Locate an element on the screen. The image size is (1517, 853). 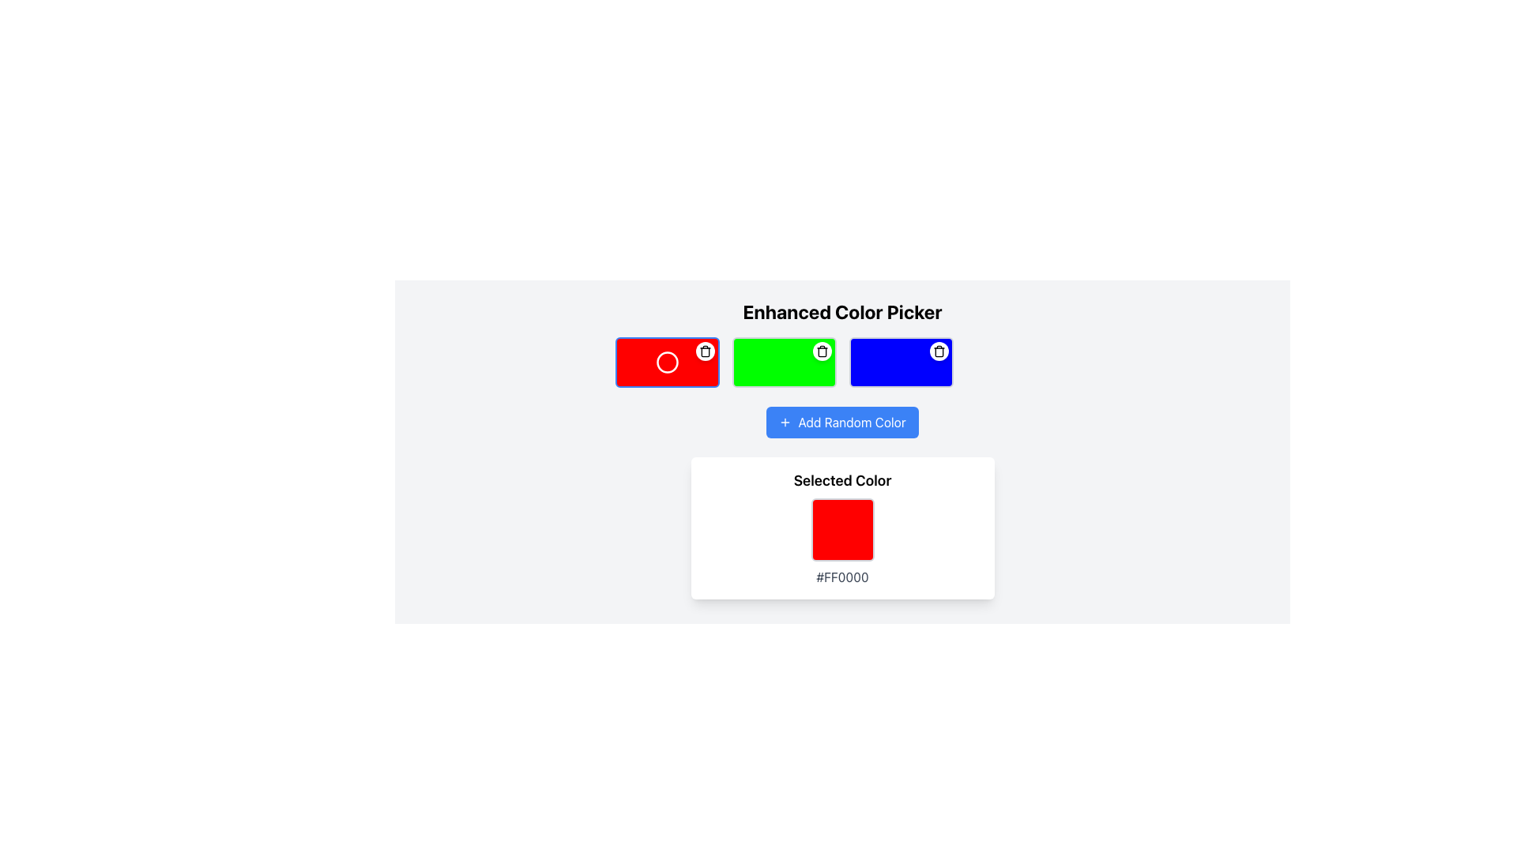
the delete button located in the top-right corner of the green card is located at coordinates (822, 350).